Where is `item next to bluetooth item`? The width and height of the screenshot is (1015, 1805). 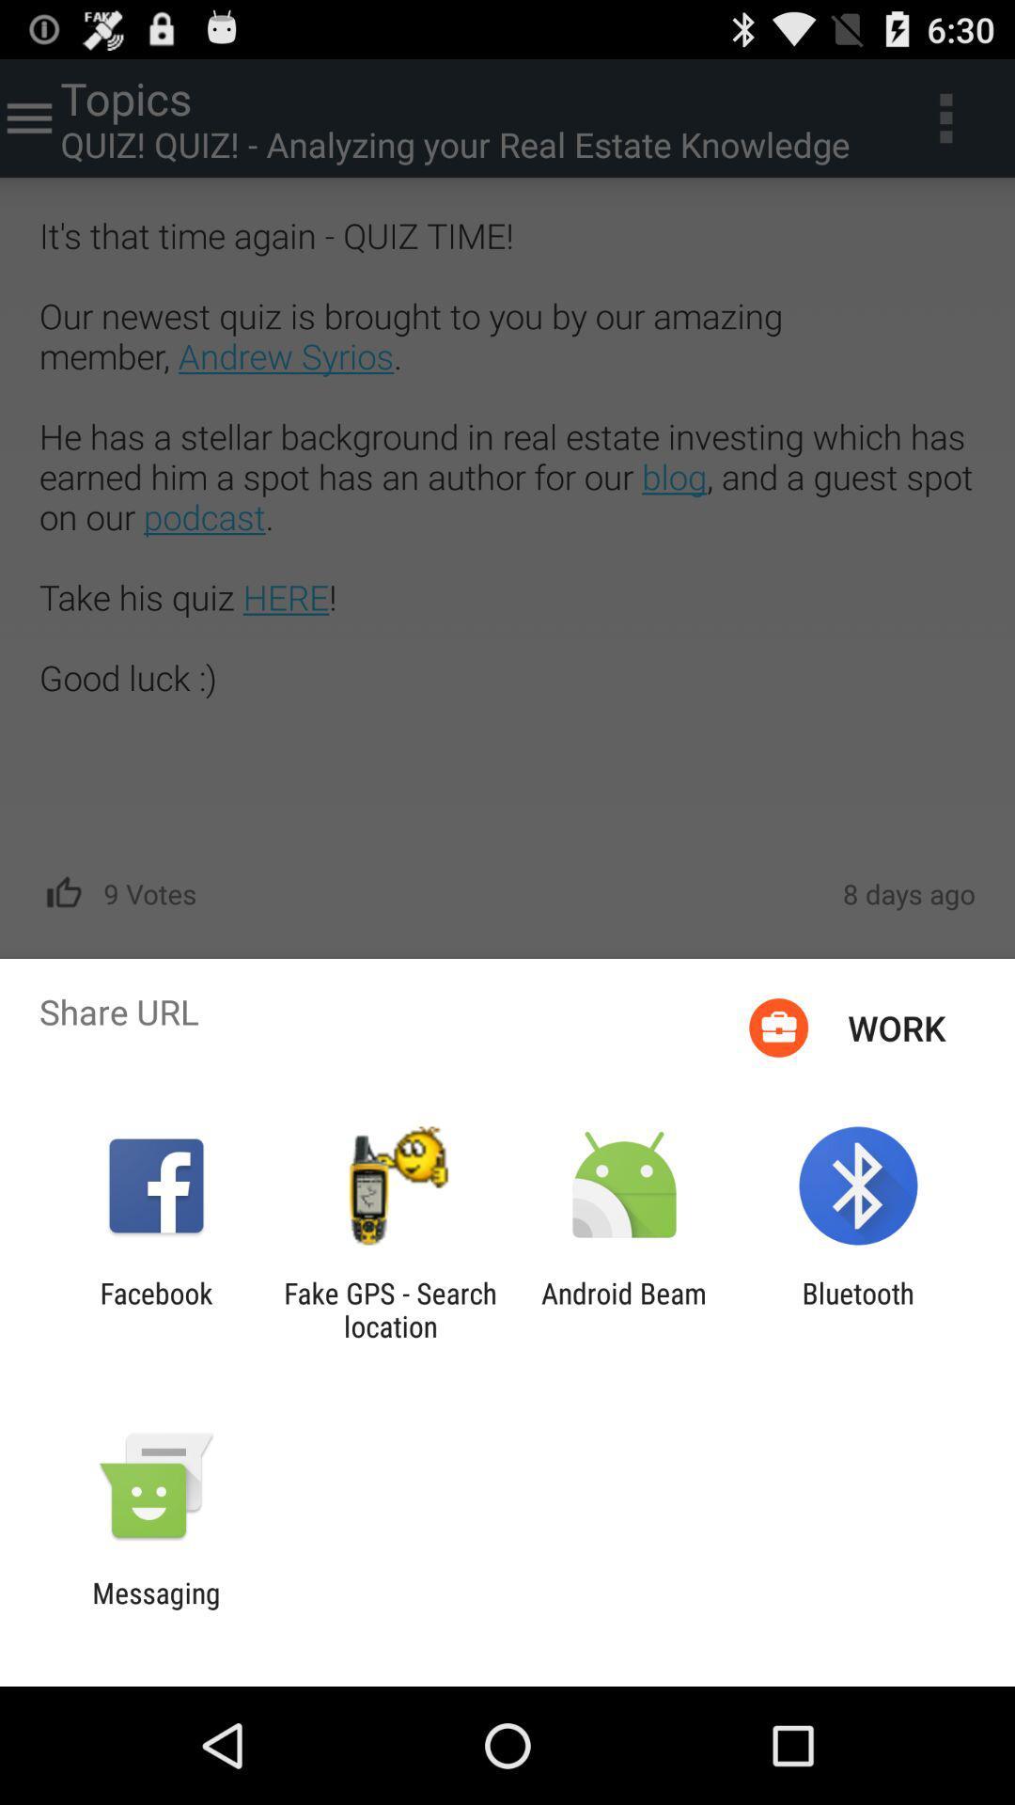 item next to bluetooth item is located at coordinates (624, 1309).